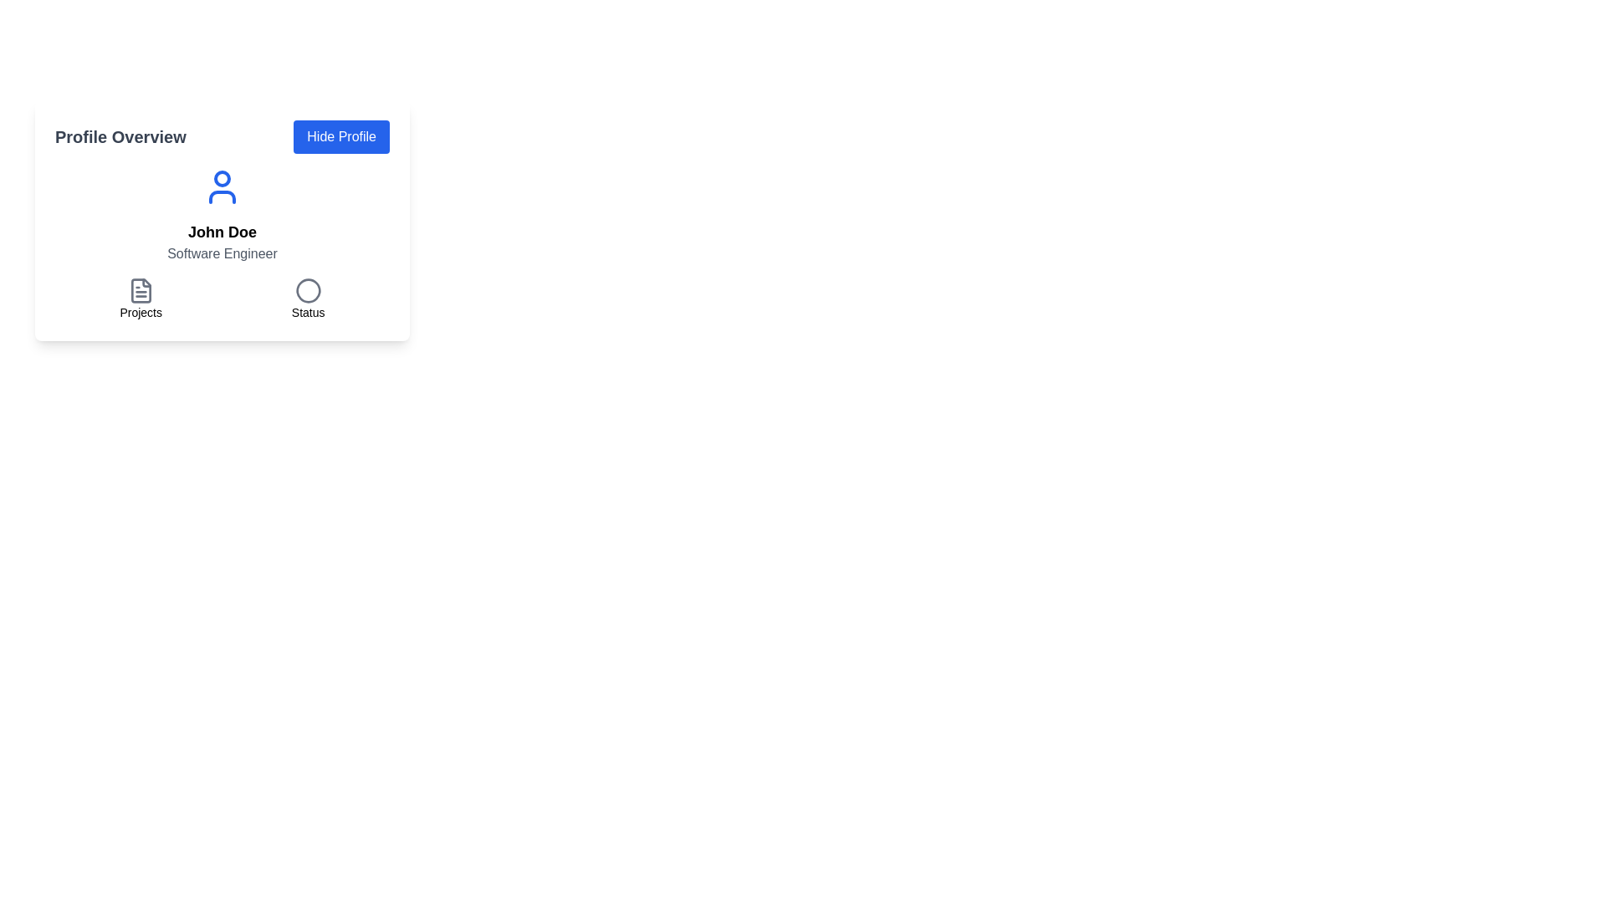 The image size is (1606, 903). Describe the element at coordinates (141, 298) in the screenshot. I see `the 'Projects' icon located in the bottom-left section of the 'Profile Overview' card, which is part of a horizontally aligned set of elements including the 'Status' icon to its right` at that location.